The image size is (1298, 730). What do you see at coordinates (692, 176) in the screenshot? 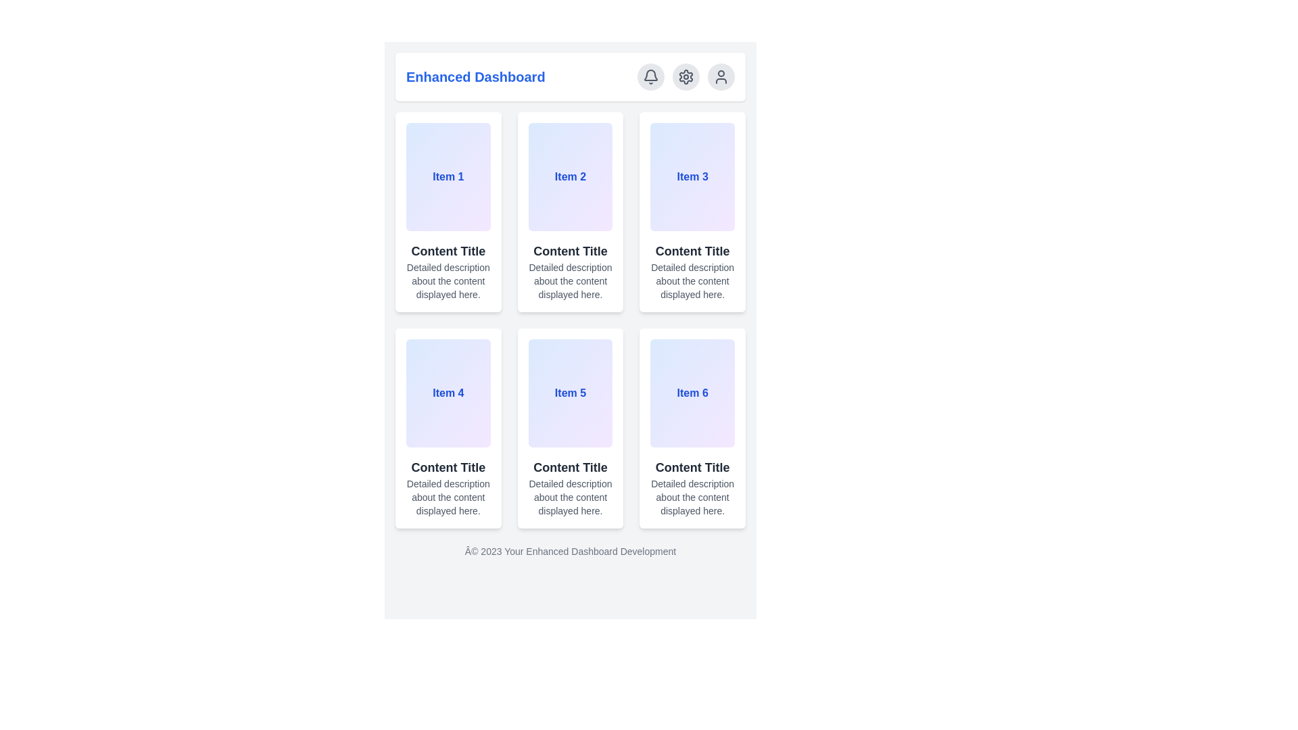
I see `the visual tile labeled 'Item 3' located in the top-right corner of the second row of the grid layout` at bounding box center [692, 176].